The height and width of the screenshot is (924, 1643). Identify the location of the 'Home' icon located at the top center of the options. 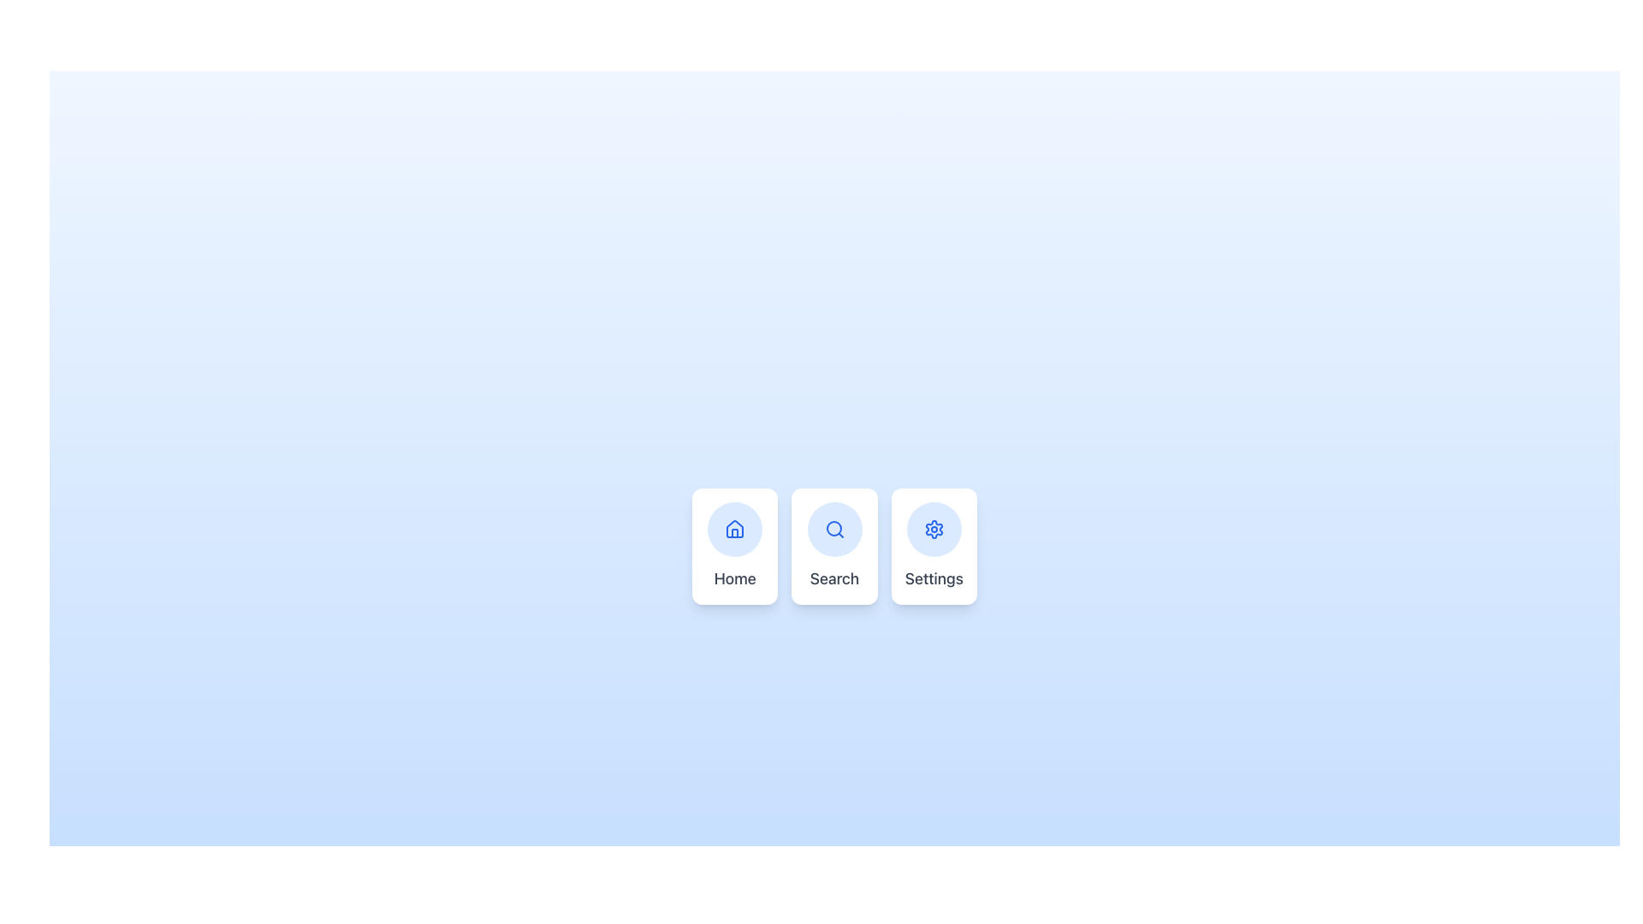
(735, 528).